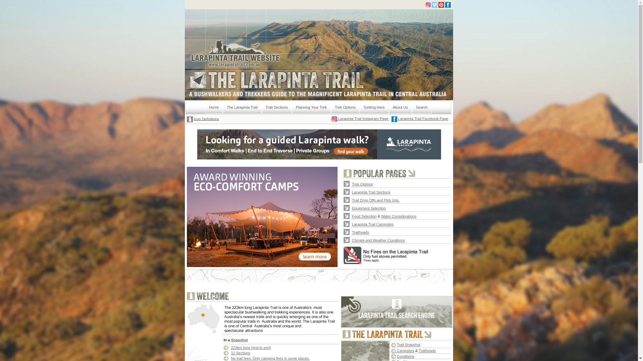 This screenshot has height=361, width=643. Describe the element at coordinates (194, 118) in the screenshot. I see `'Icon Definitions'` at that location.